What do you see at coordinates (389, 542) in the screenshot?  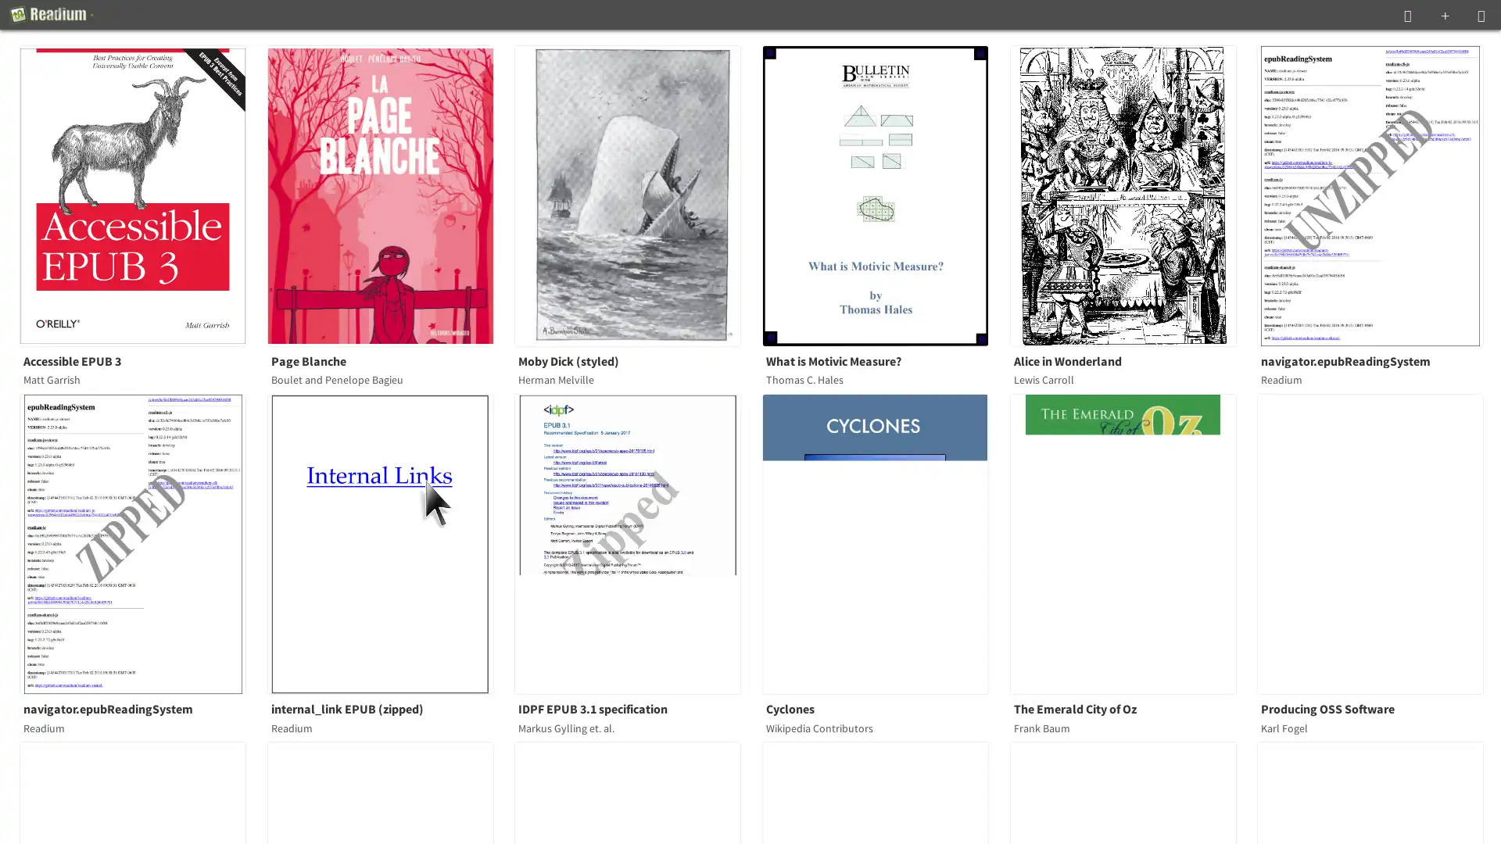 I see `(8) internal_link EPUB (zipped)` at bounding box center [389, 542].